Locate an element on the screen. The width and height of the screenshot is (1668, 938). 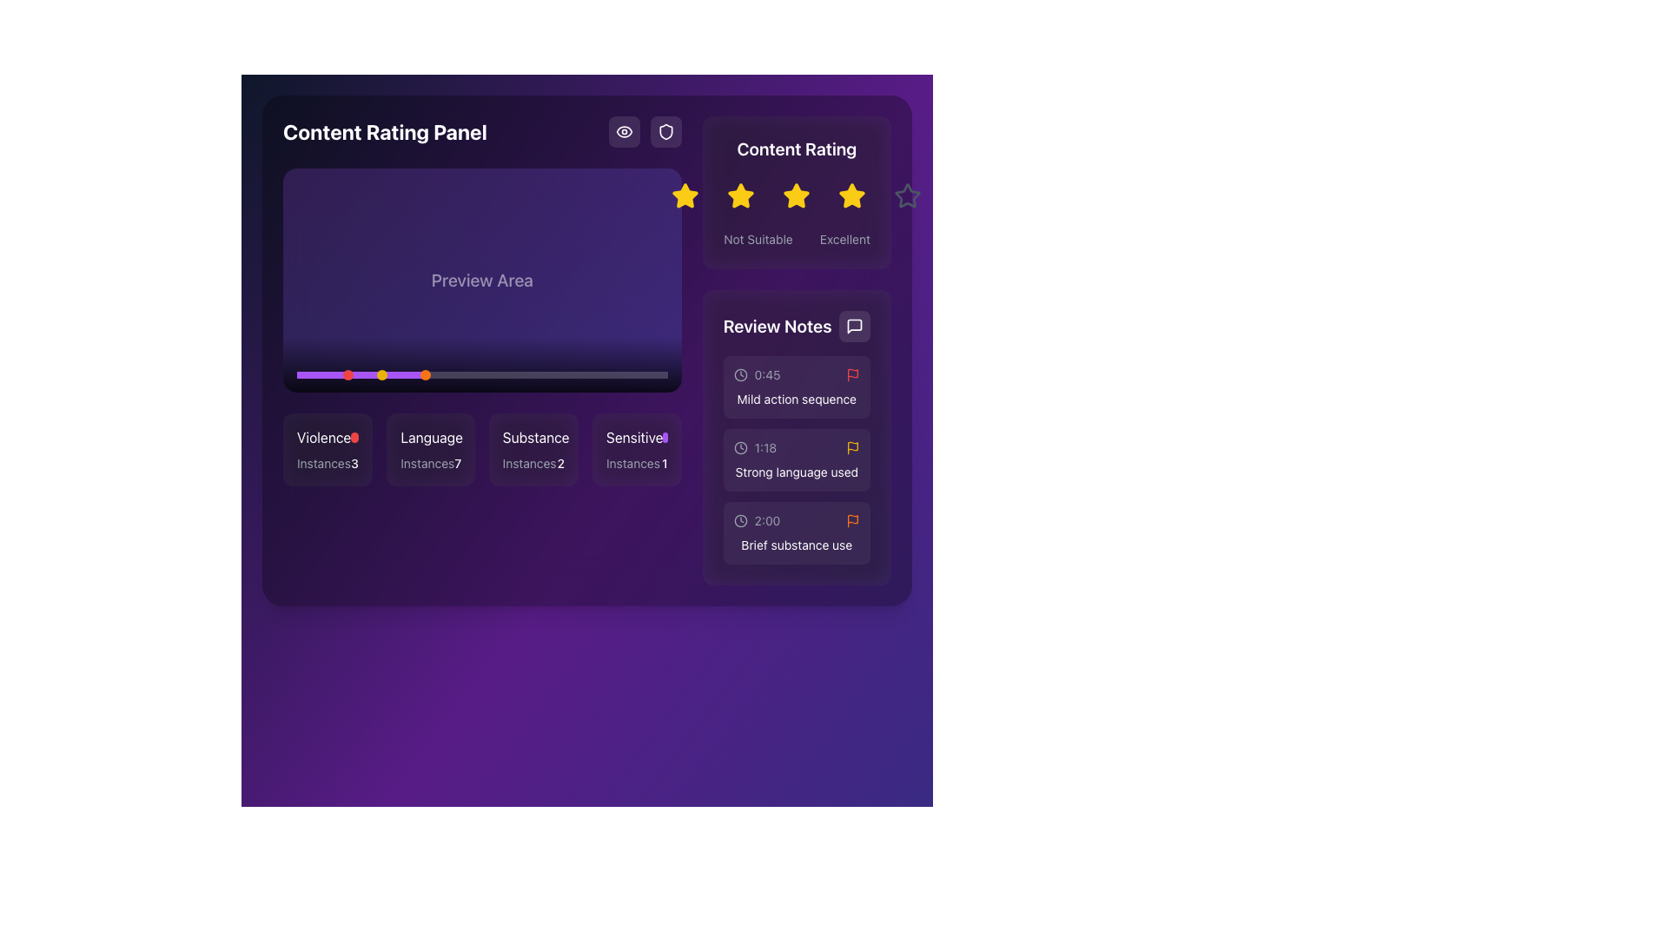
the Icon button located in the 'Review Notes' section, positioned towards the top right of its panel is located at coordinates (854, 326).